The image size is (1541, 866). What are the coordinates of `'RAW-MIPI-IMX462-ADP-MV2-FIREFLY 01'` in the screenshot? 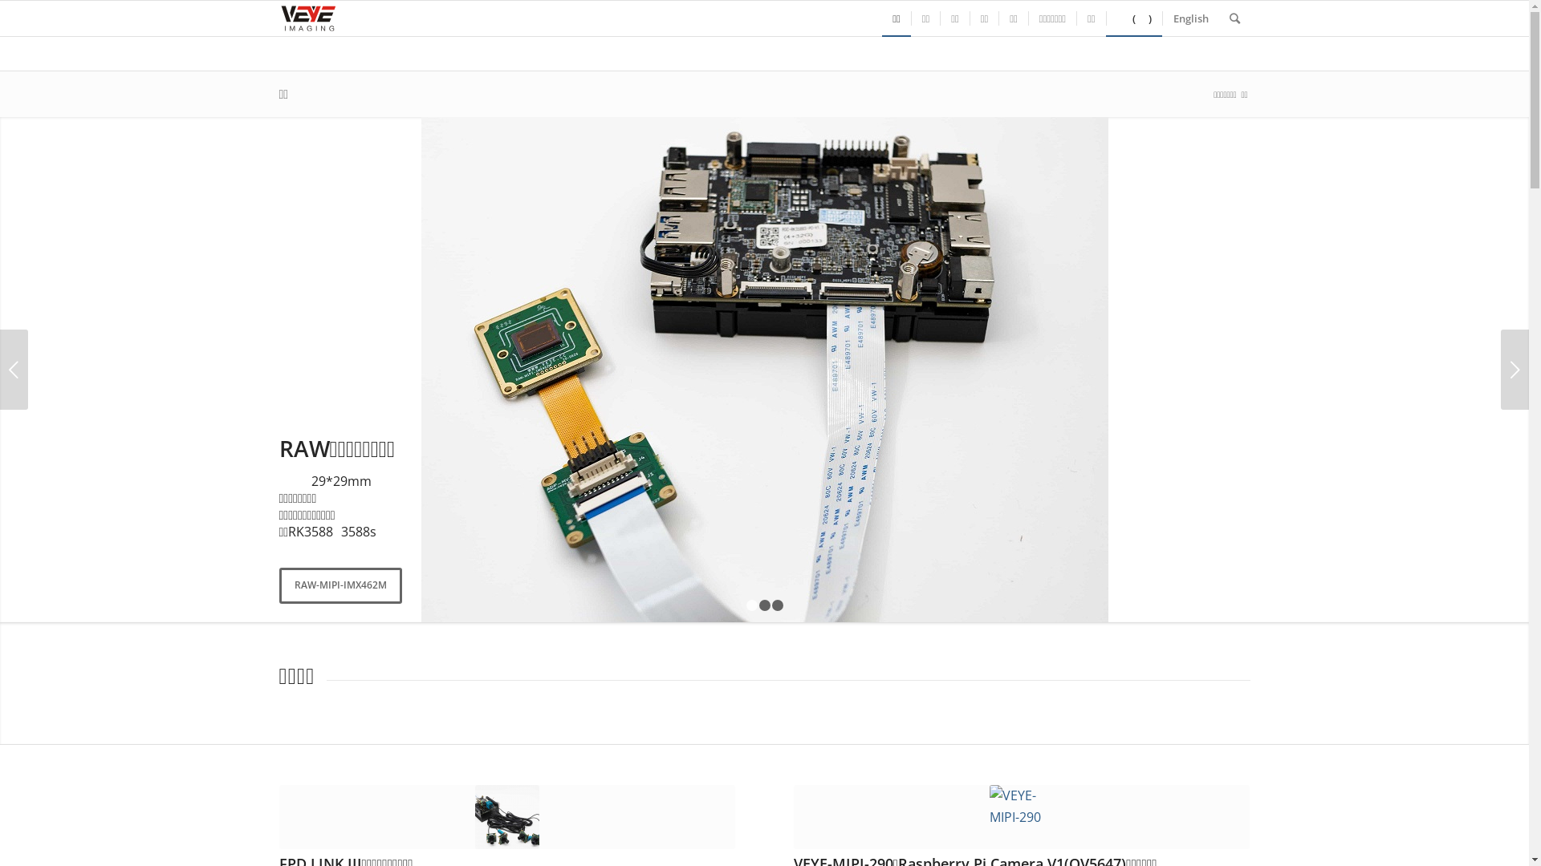 It's located at (762, 370).